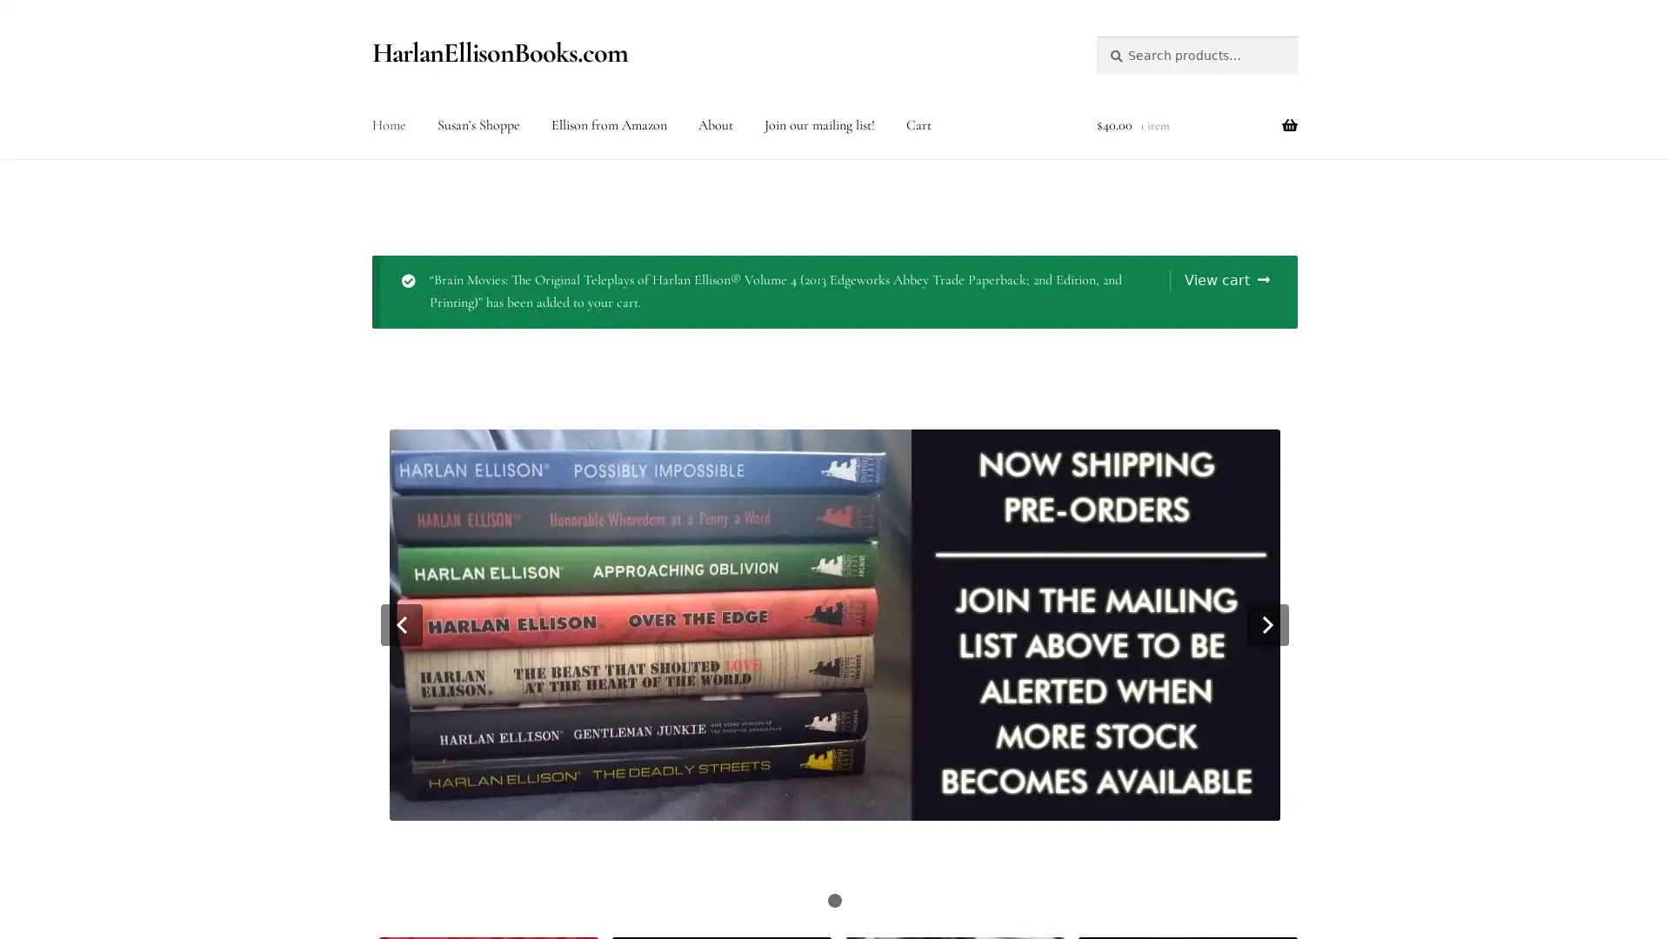 Image resolution: width=1670 pixels, height=939 pixels. What do you see at coordinates (1267, 623) in the screenshot?
I see `Next slide` at bounding box center [1267, 623].